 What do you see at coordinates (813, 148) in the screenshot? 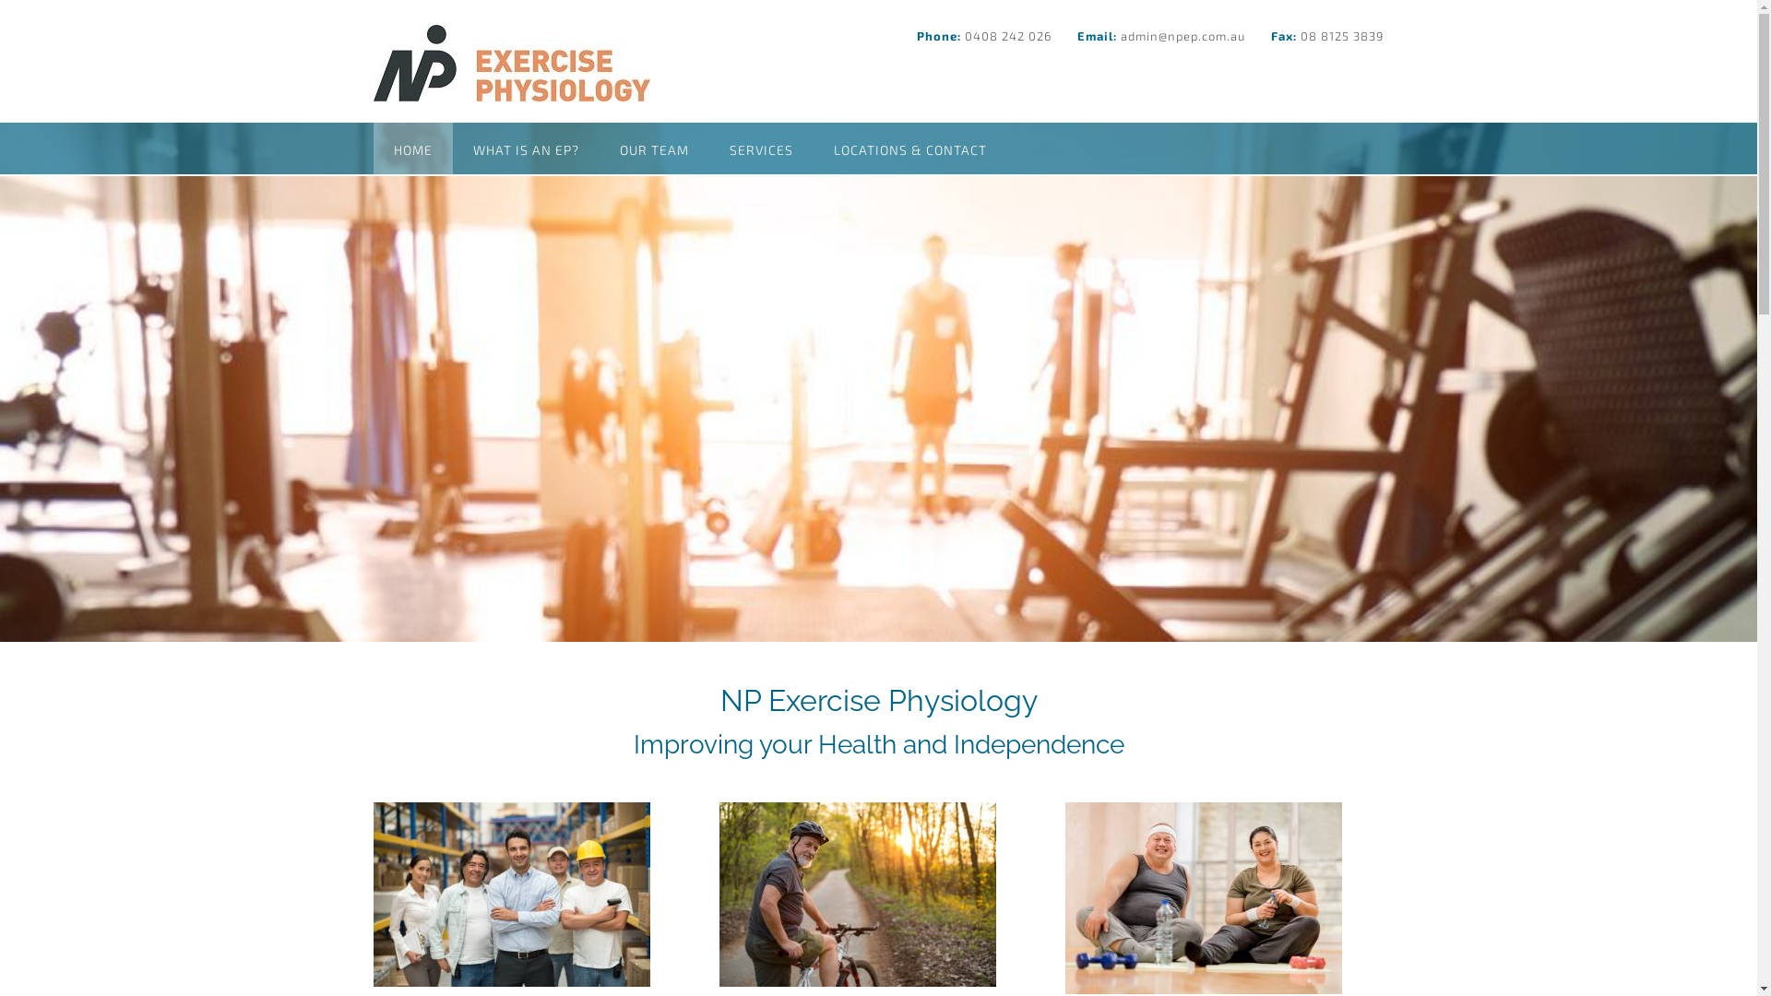
I see `'LOCATIONS & CONTACT'` at bounding box center [813, 148].